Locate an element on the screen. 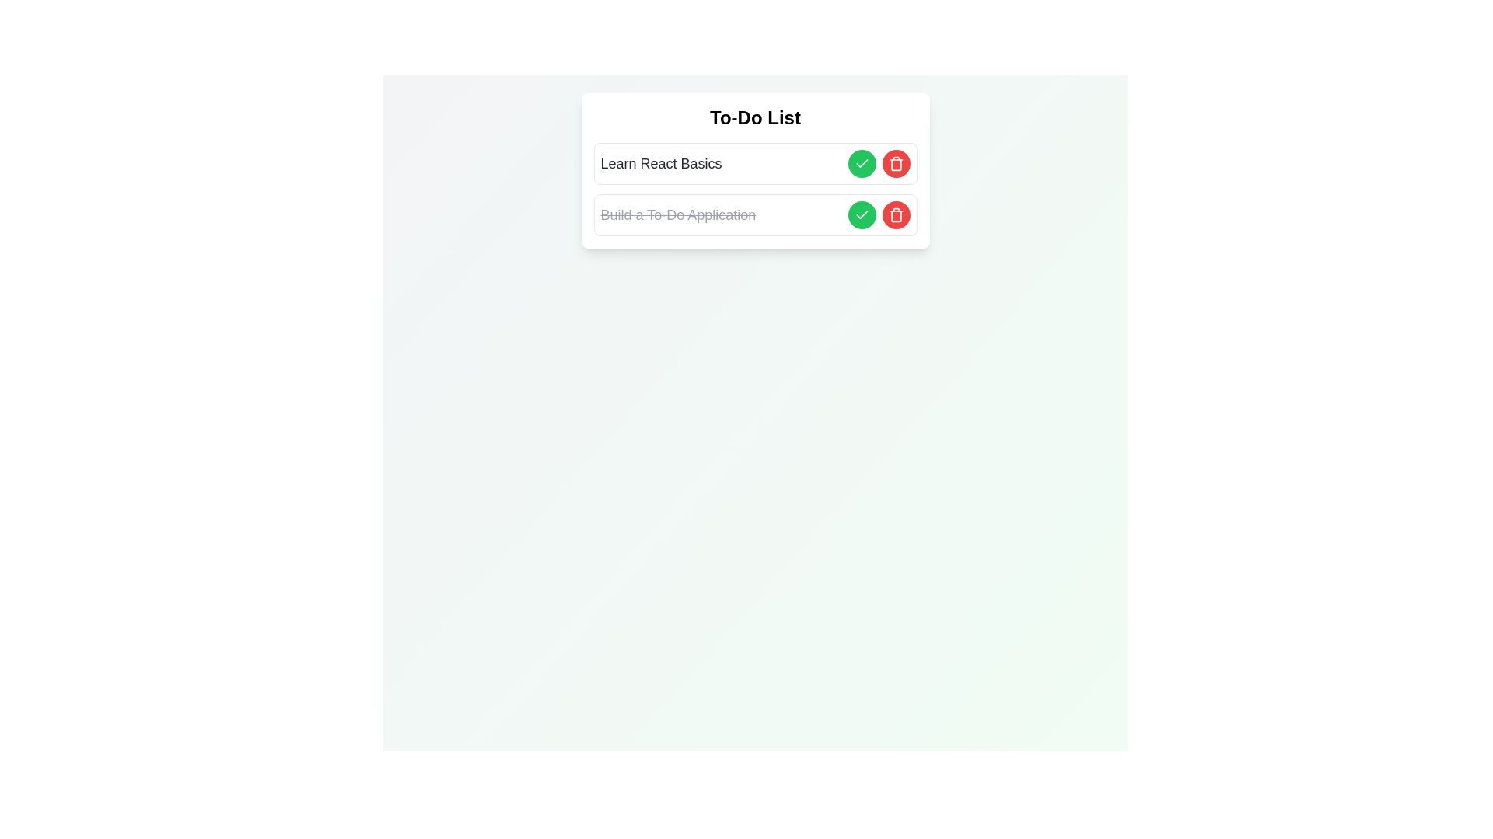  the text label displaying 'To-Do List', which serves as a header for the tasks below is located at coordinates (755, 117).